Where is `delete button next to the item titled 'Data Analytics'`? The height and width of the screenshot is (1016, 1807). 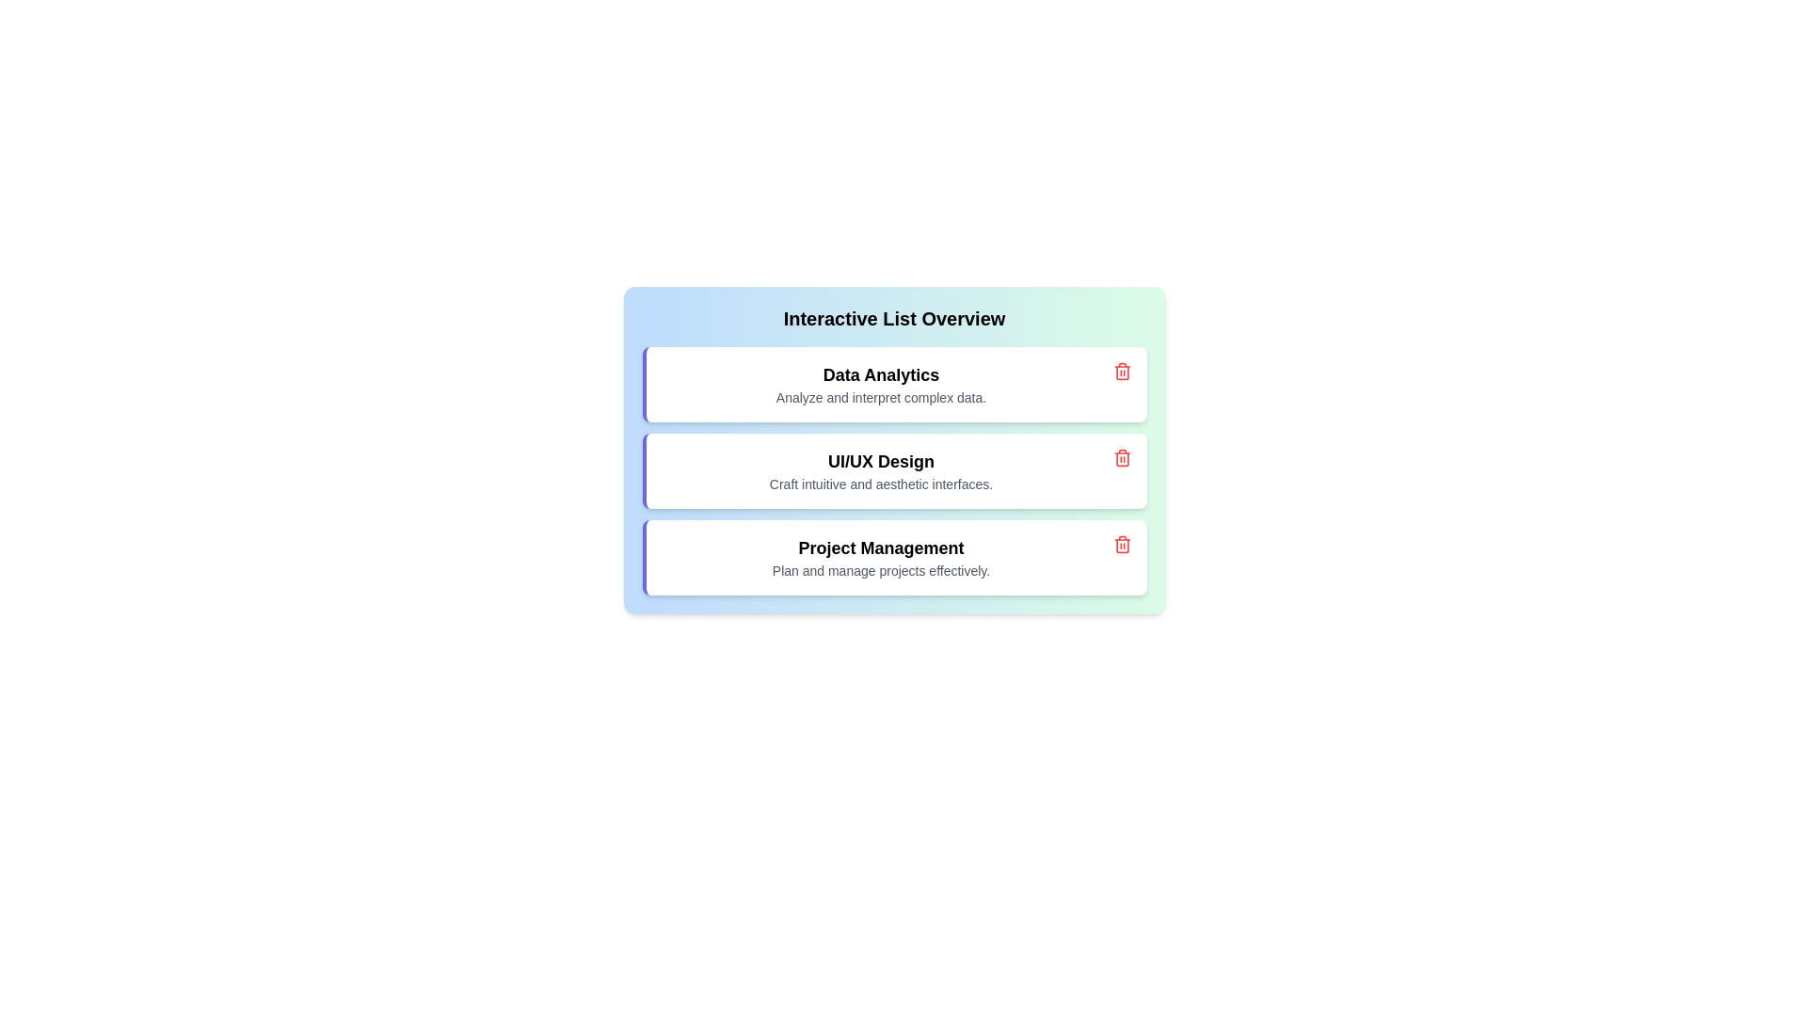
delete button next to the item titled 'Data Analytics' is located at coordinates (1122, 371).